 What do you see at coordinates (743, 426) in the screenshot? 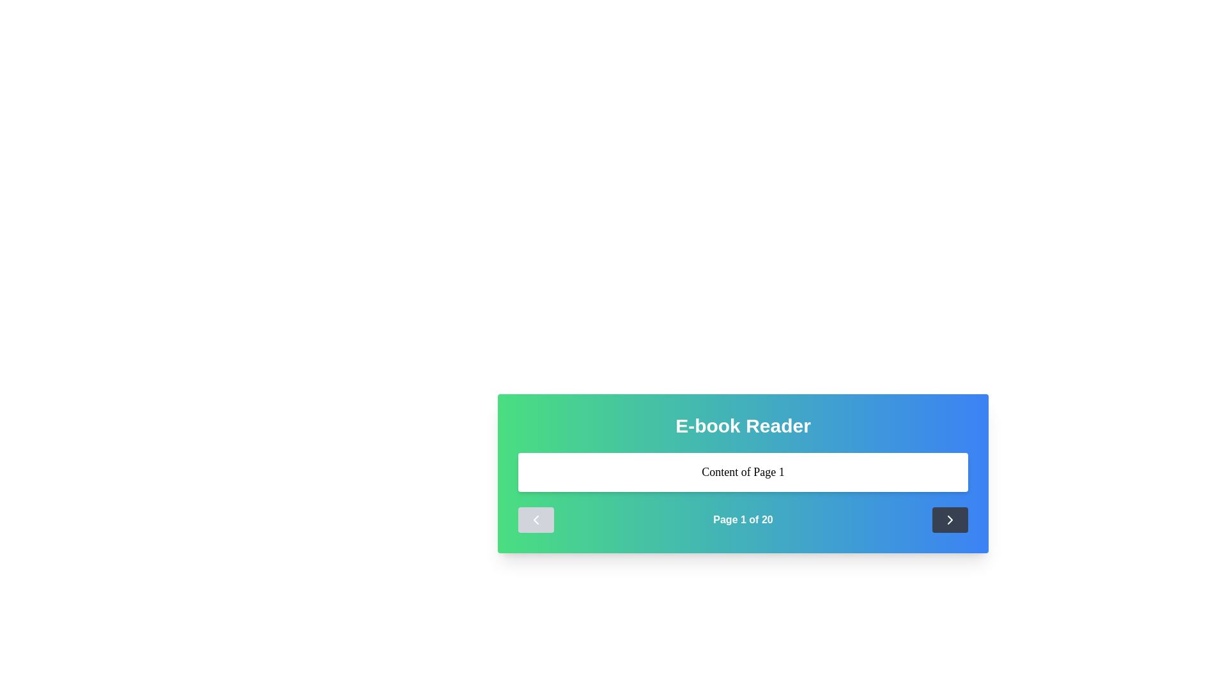
I see `the title text element located at the top center of the rounded, gradient-background panel, which indicates the purpose of the panel below` at bounding box center [743, 426].